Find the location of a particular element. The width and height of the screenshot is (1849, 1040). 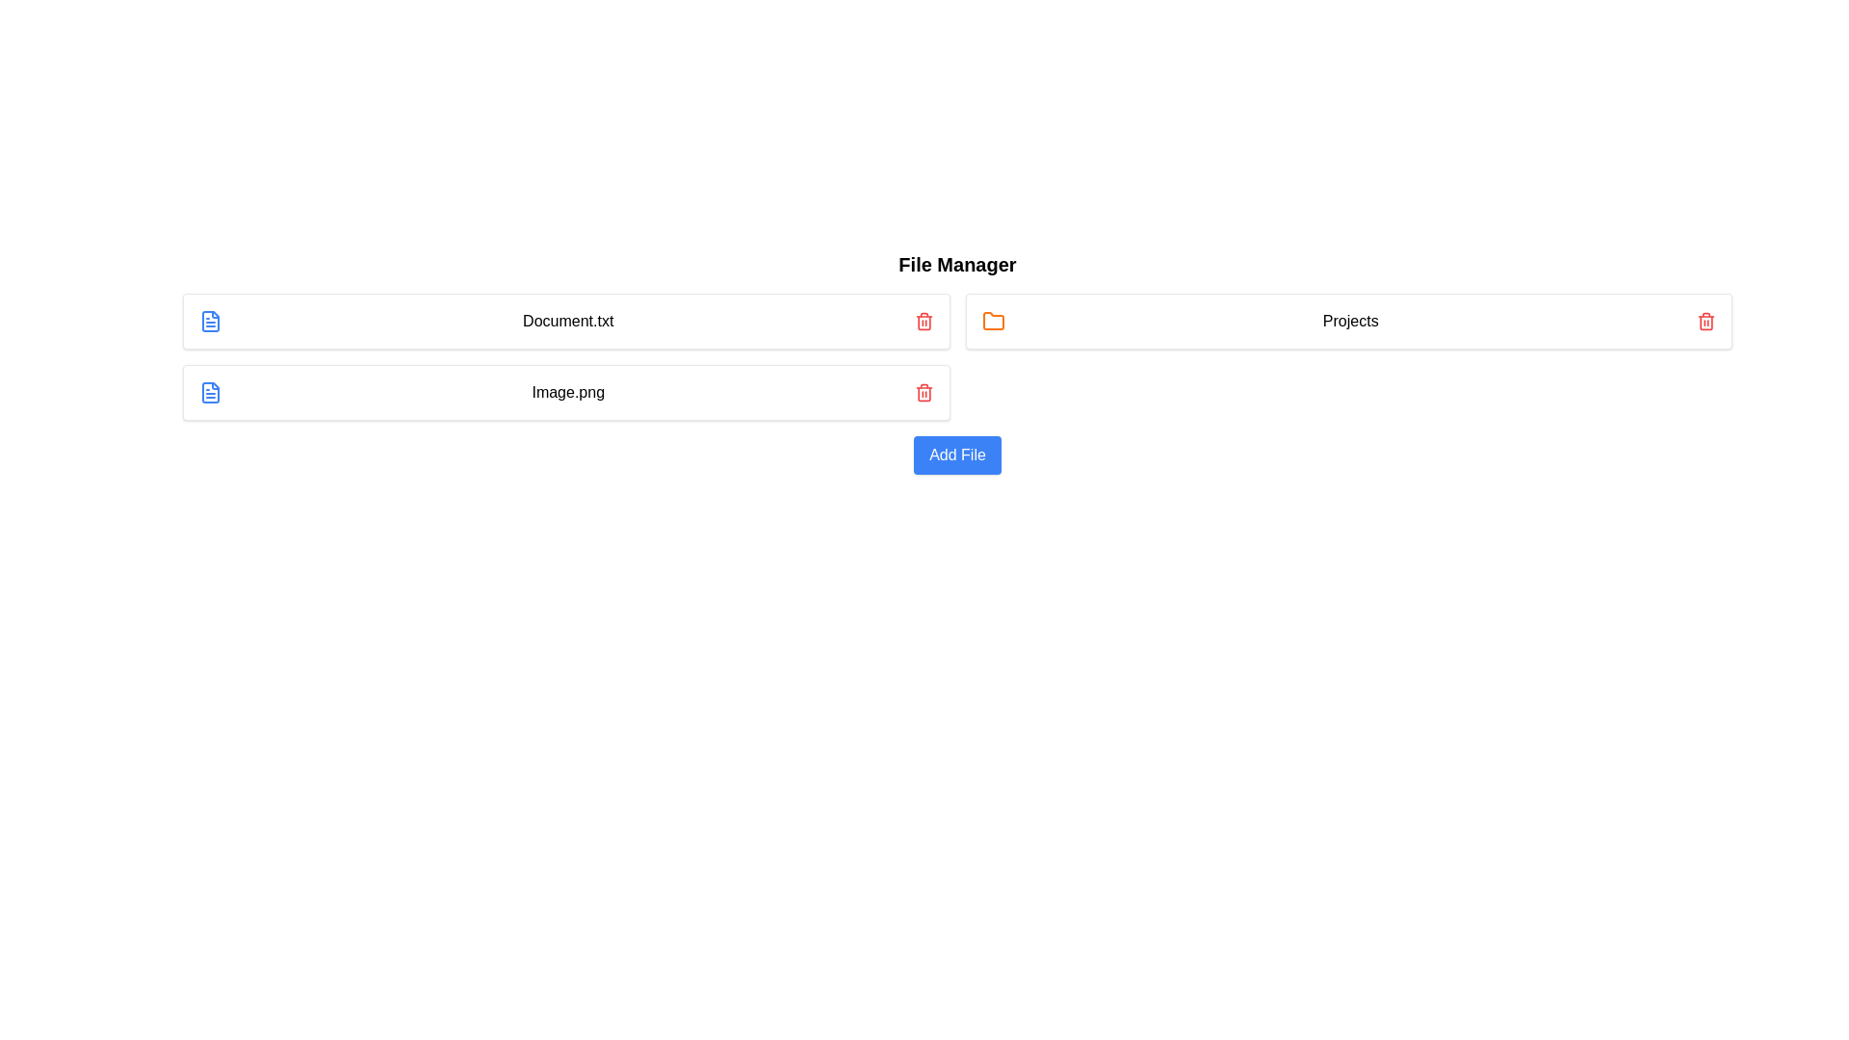

the trash can icon located at the far-right end of the row containing the file name 'Document.txt' is located at coordinates (923, 321).